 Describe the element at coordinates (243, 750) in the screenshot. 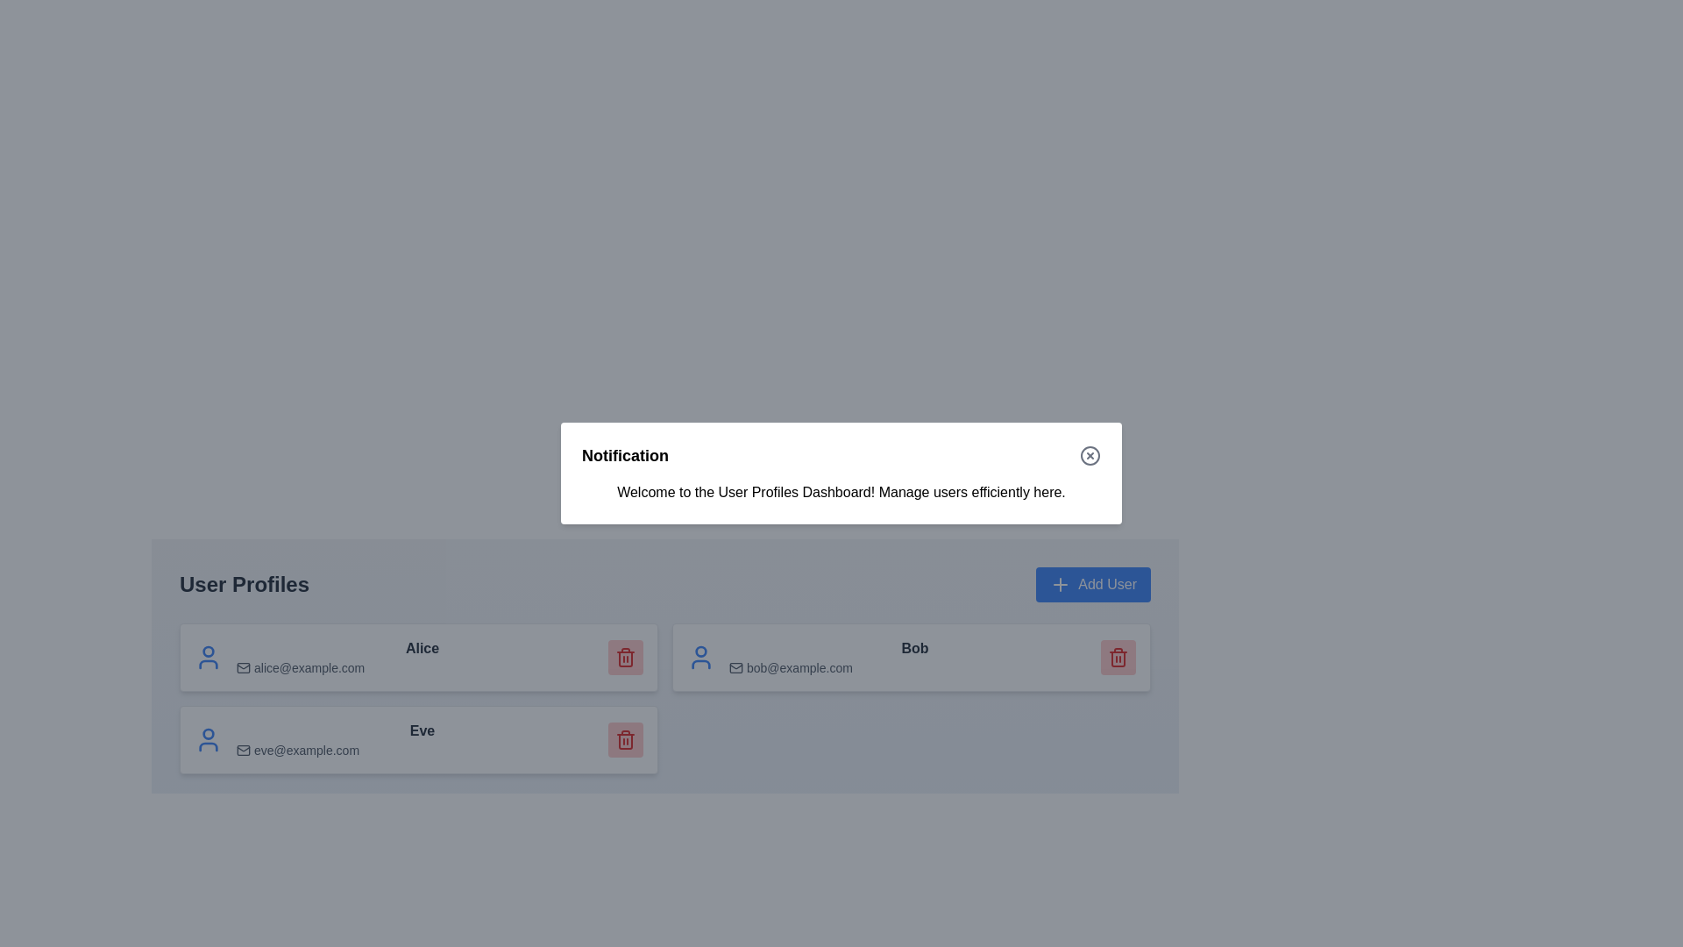

I see `the email icon located to the left of the 'eve@example.com' text in the 'User Profiles' section, which serves as a visual cue for the email address` at that location.